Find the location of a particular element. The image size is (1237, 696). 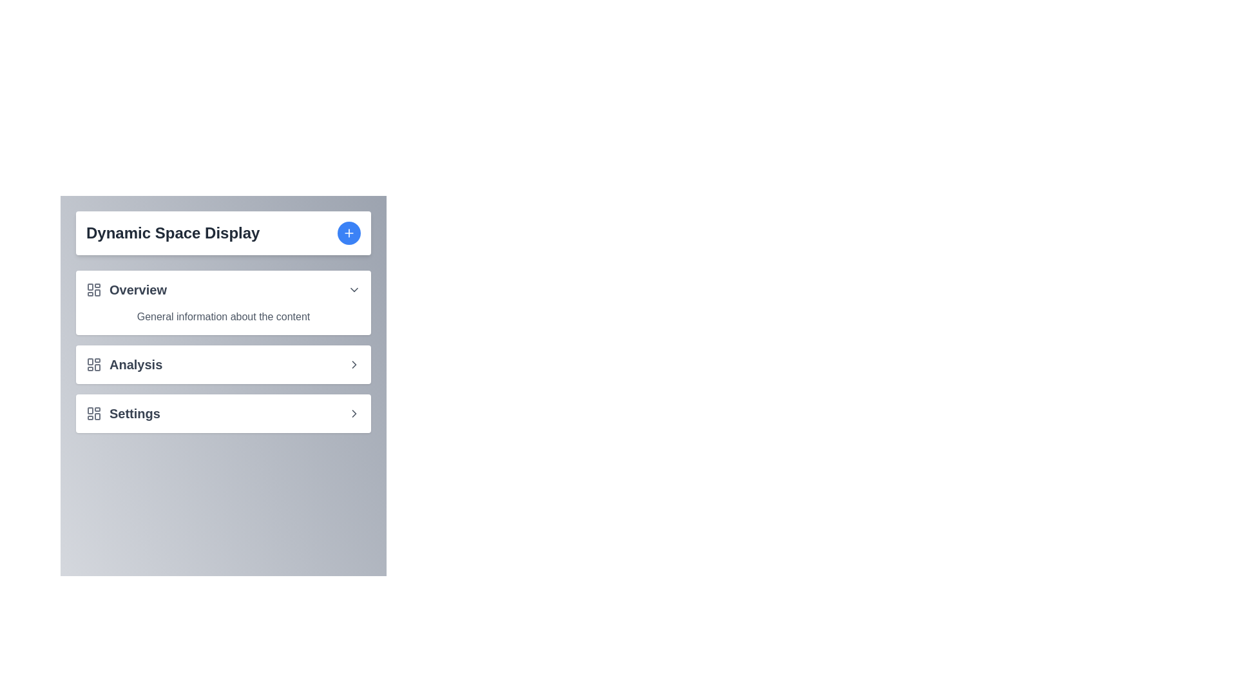

the icon next to the 'Overview' menu item is located at coordinates (354, 290).